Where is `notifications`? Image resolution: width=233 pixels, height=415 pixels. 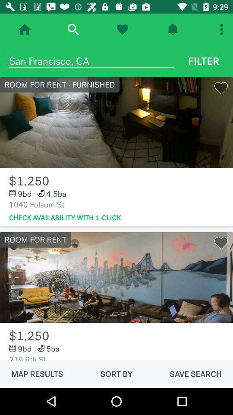 notifications is located at coordinates (173, 29).